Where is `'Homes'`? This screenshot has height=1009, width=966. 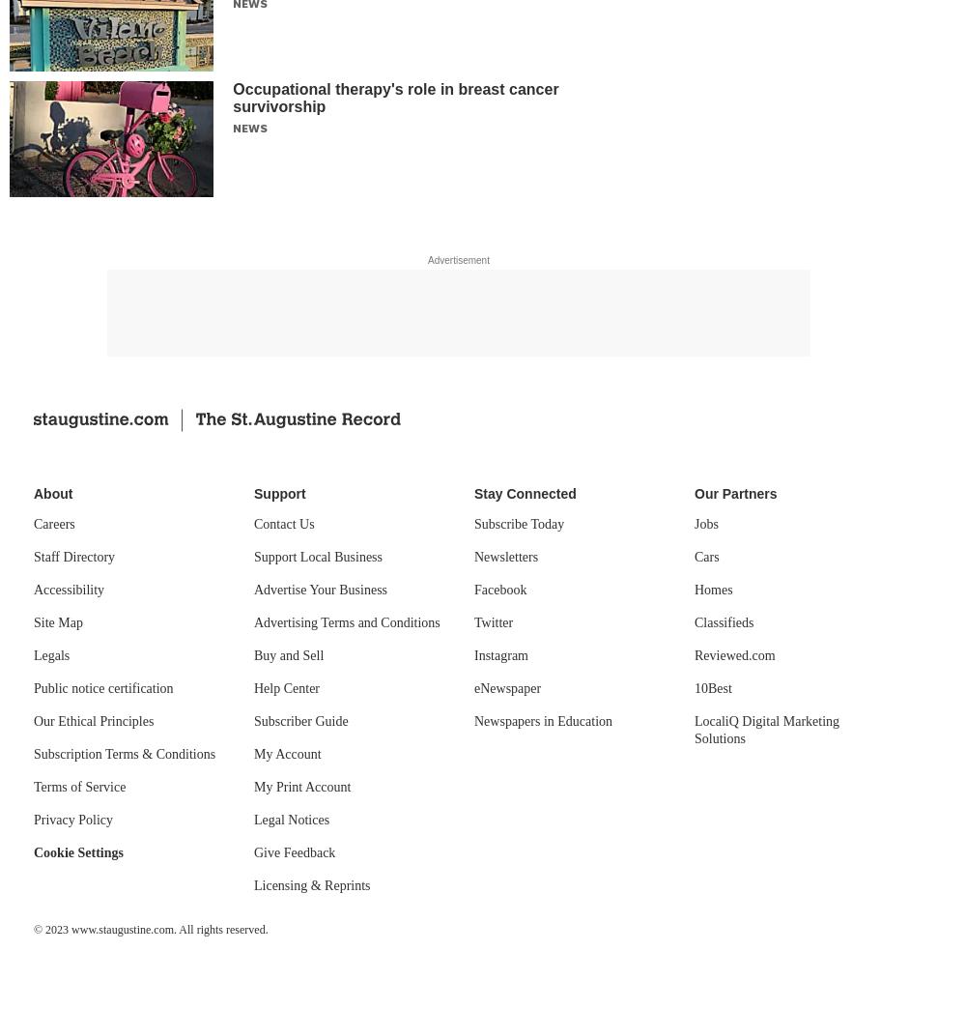
'Homes' is located at coordinates (712, 590).